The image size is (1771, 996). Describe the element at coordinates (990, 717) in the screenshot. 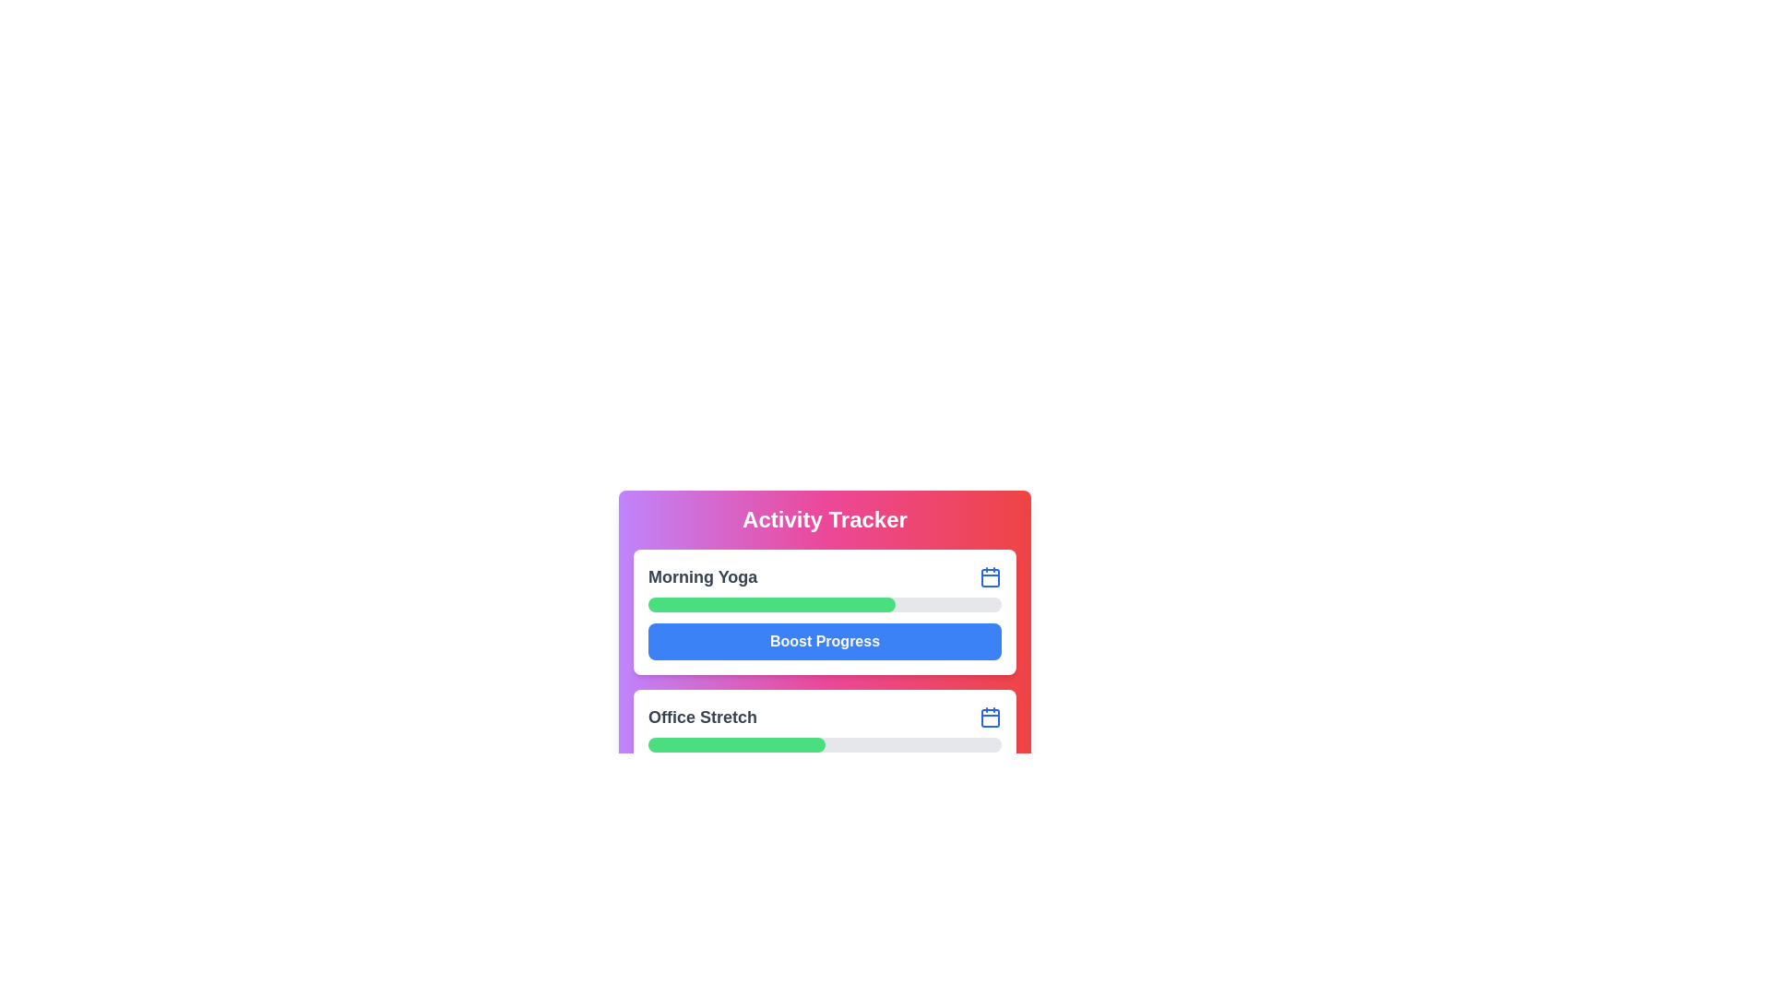

I see `the calendar icon with a blue outline located to the right of the 'Office Stretch' label in the 'Activity Tracker' interface` at that location.